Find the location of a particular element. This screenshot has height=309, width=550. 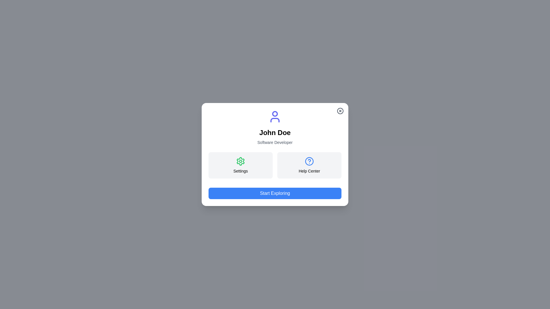

the close button located at the top-right corner of the user profile card is located at coordinates (340, 111).